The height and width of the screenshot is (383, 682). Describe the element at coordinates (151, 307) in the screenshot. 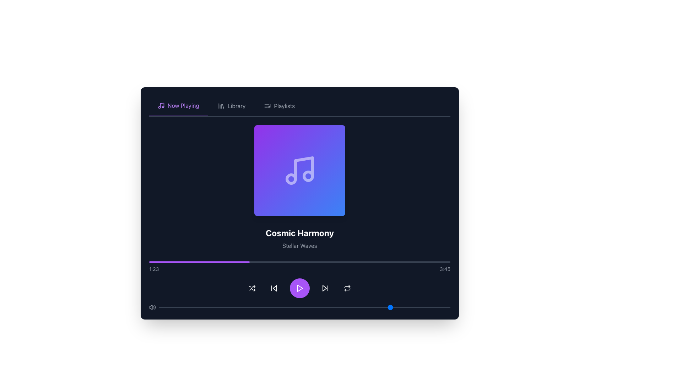

I see `the muted speaker icon located on the media control bar` at that location.